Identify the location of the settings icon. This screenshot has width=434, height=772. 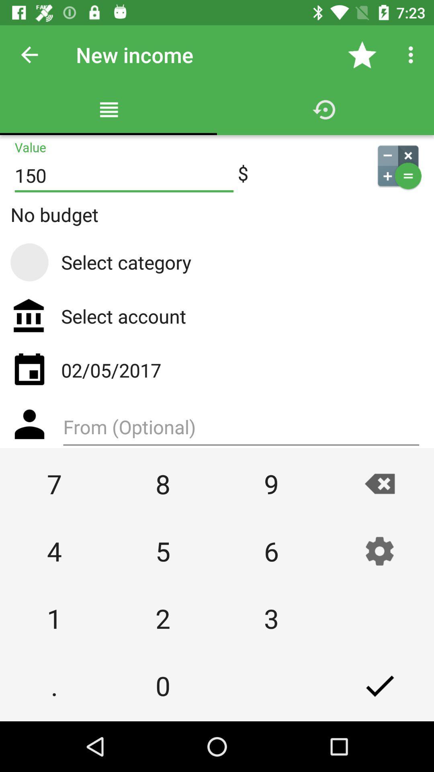
(380, 550).